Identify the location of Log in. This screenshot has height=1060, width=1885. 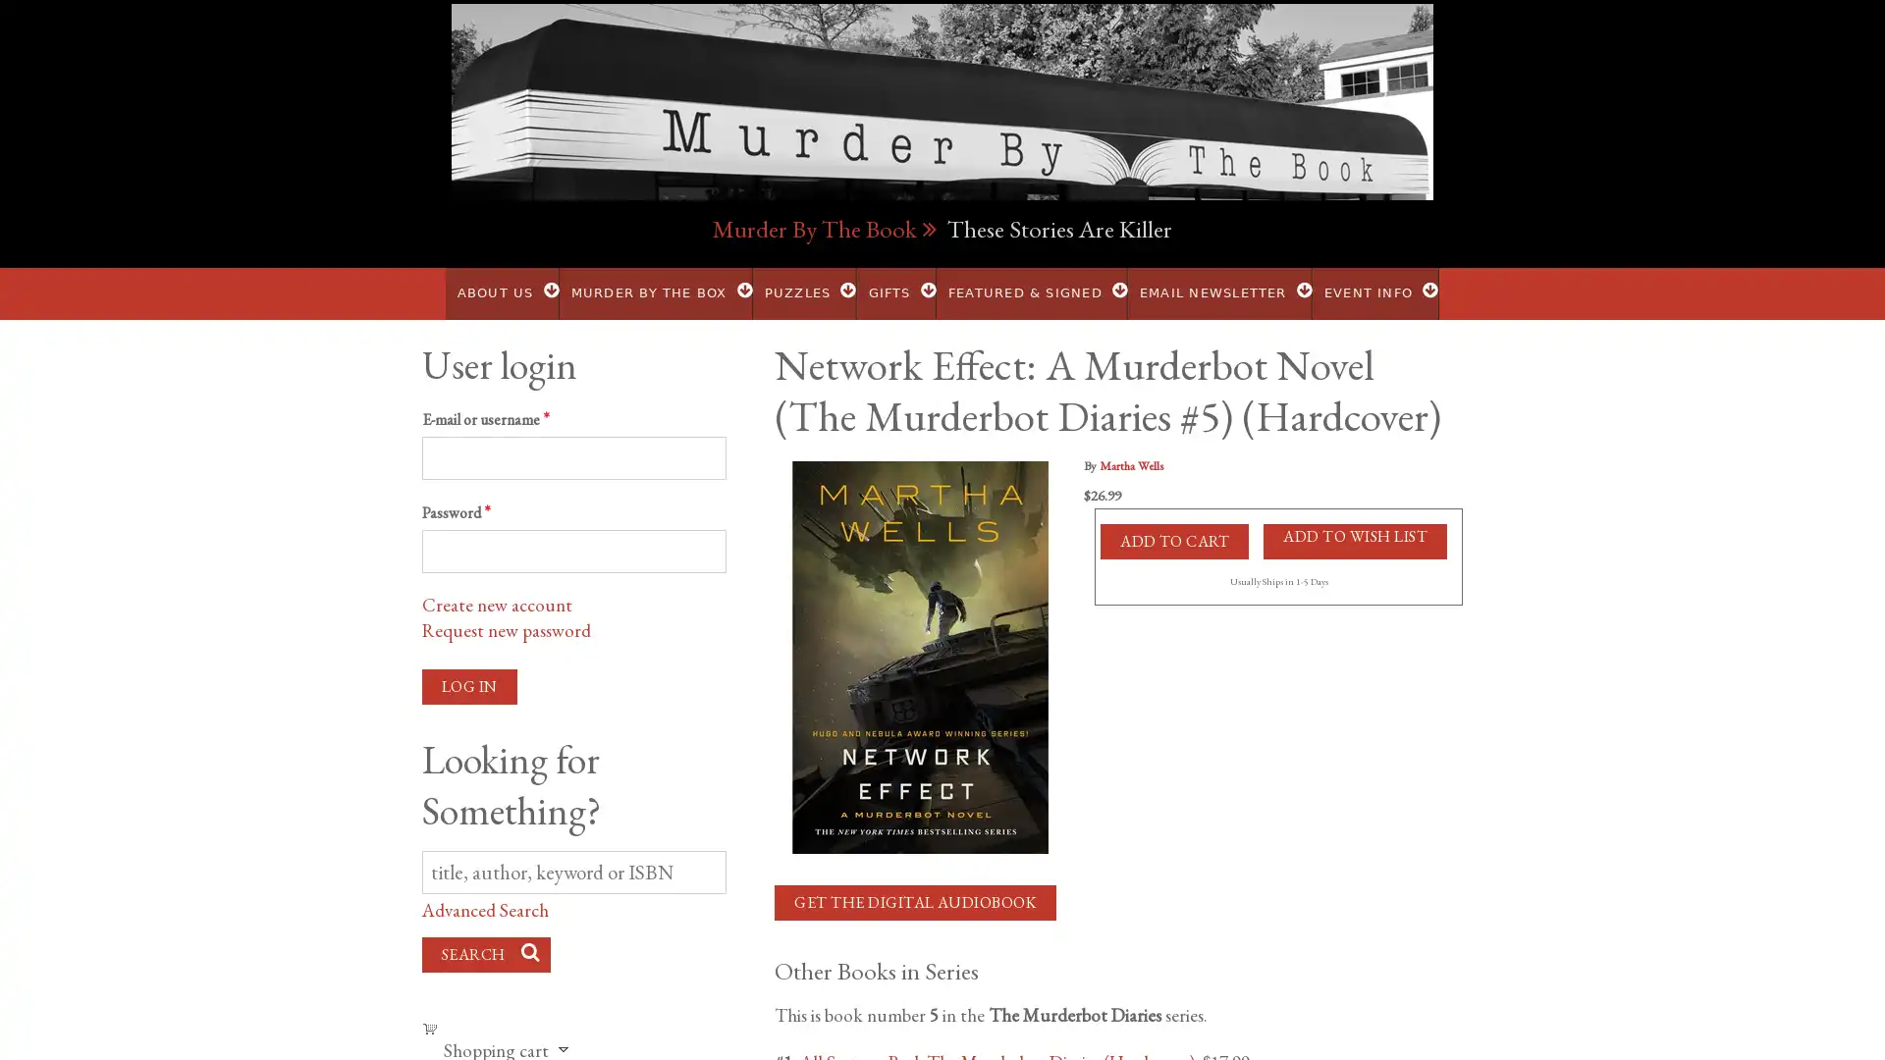
(468, 725).